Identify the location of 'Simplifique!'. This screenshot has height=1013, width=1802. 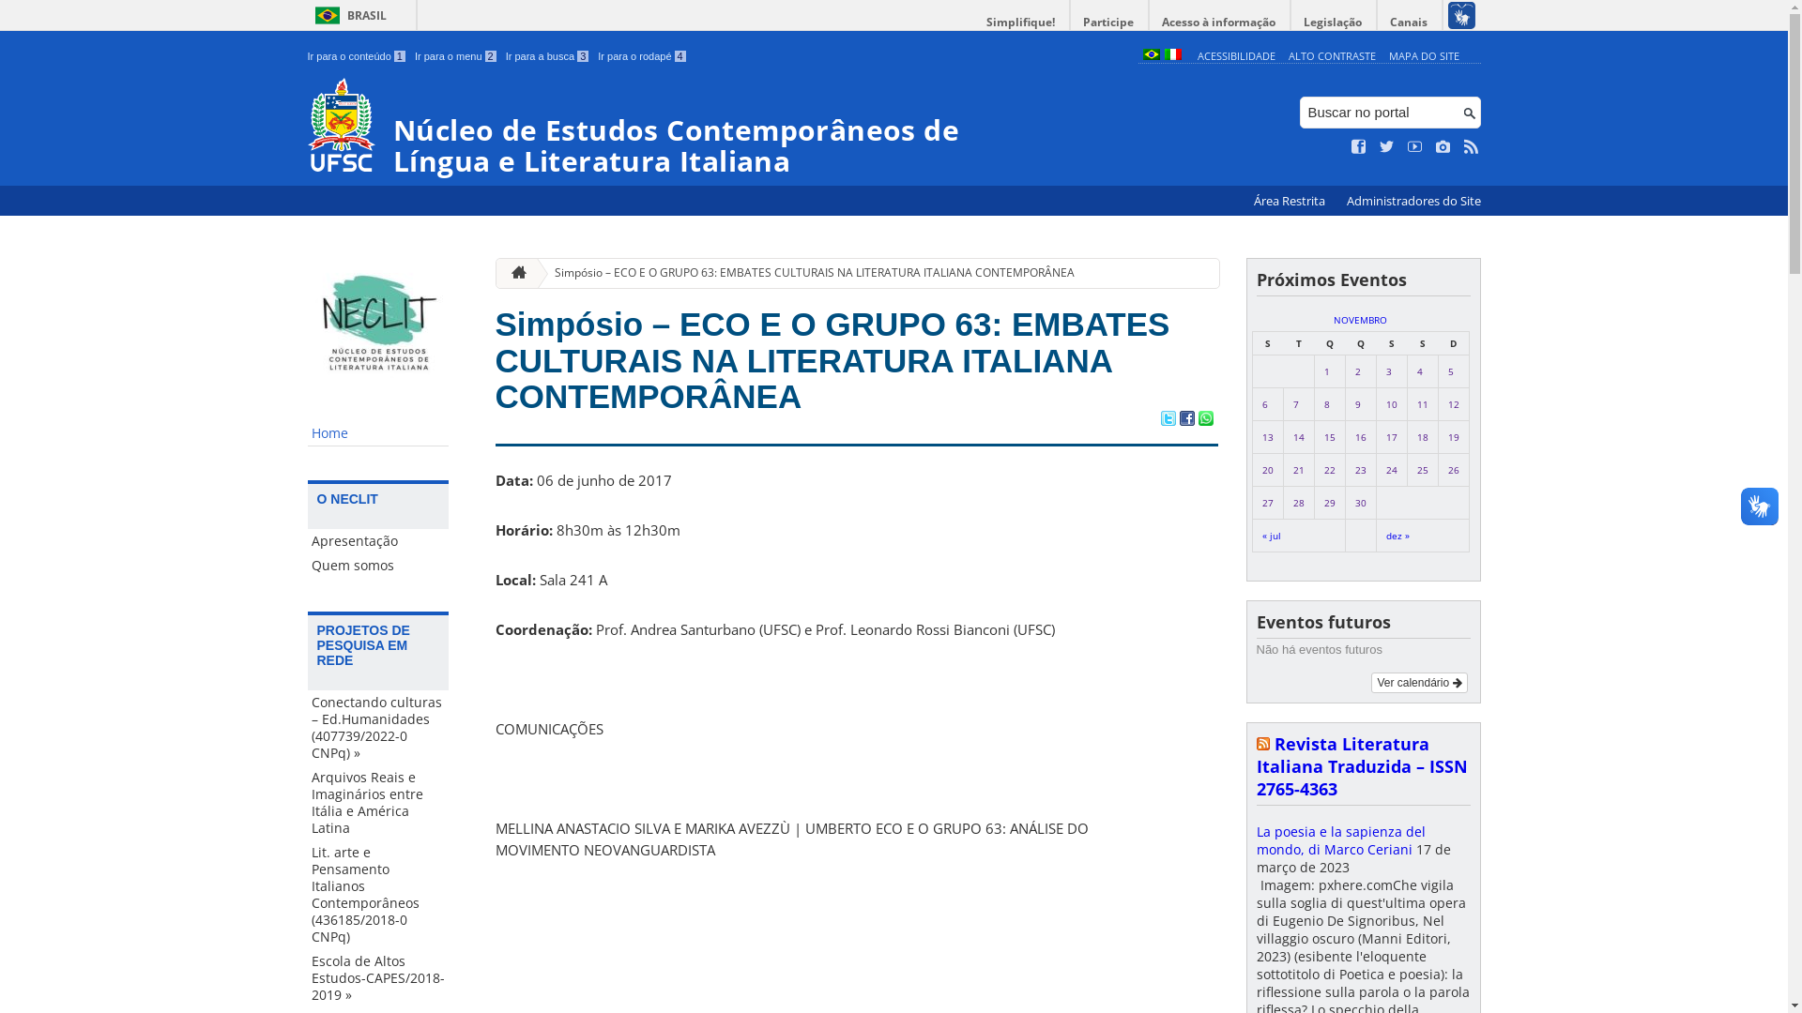
(1020, 22).